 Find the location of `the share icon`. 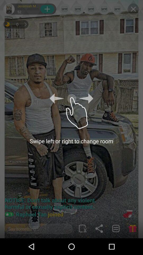

the share icon is located at coordinates (99, 228).